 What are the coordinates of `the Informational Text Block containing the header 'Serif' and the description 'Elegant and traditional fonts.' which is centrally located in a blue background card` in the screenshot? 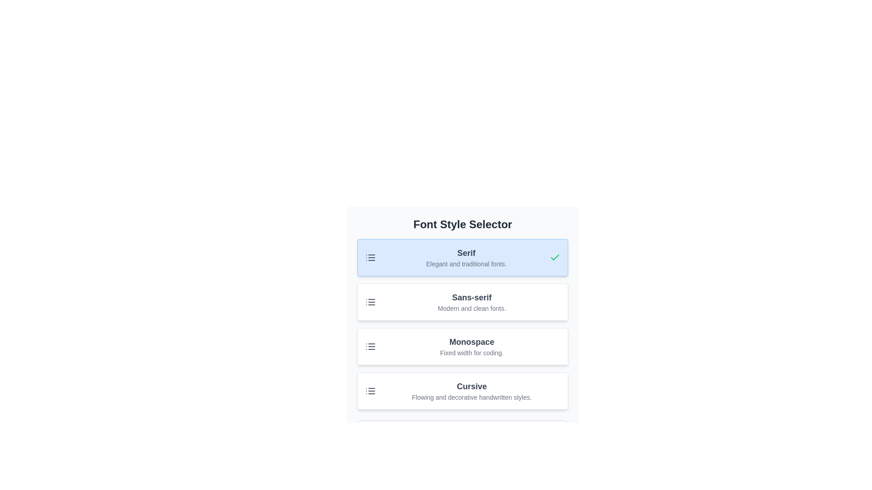 It's located at (466, 257).